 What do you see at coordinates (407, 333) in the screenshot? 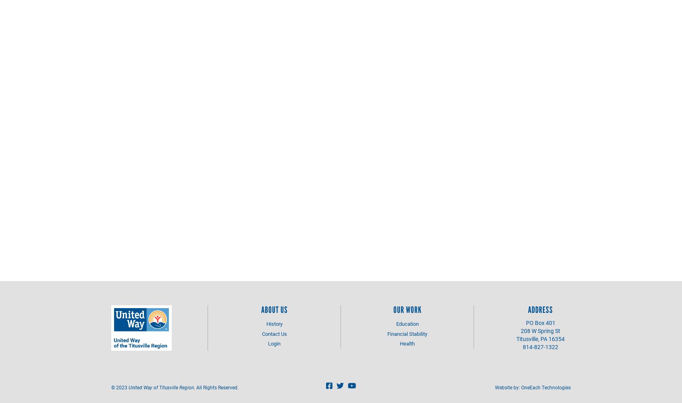
I see `'Financial Stability'` at bounding box center [407, 333].